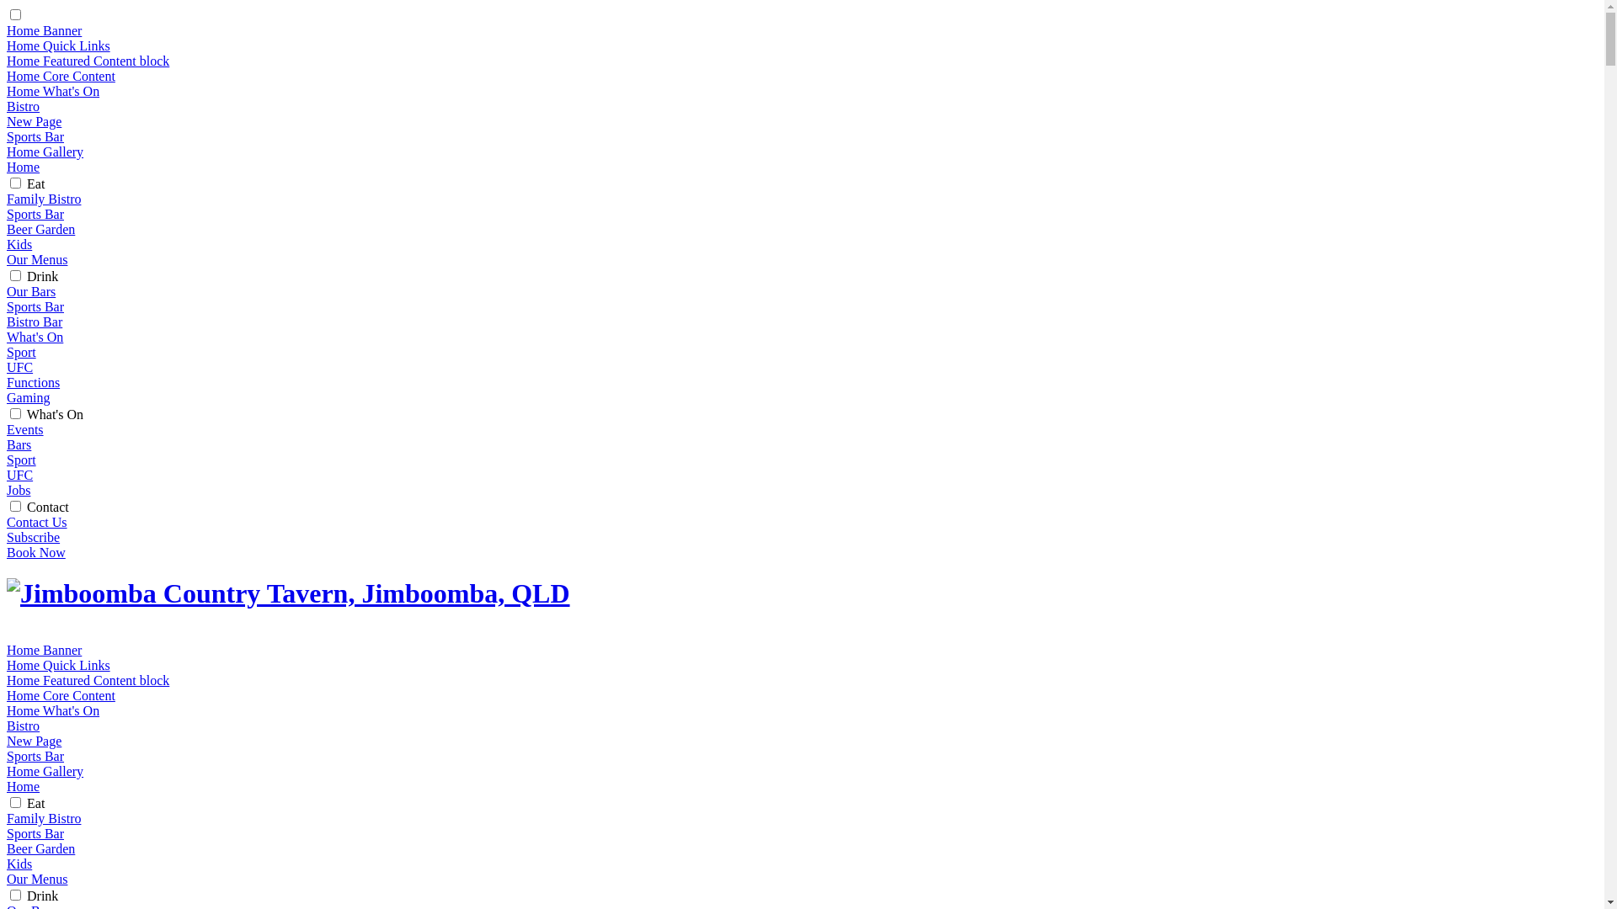  What do you see at coordinates (36, 259) in the screenshot?
I see `'Our Menus'` at bounding box center [36, 259].